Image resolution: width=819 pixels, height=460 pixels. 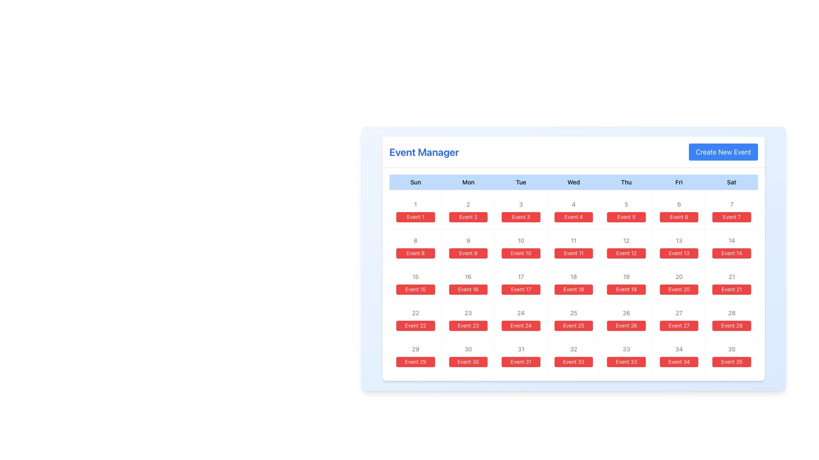 What do you see at coordinates (626, 204) in the screenshot?
I see `the text label indicating the date for the calendar cell corresponding to Thursday, located above the 'Event 5' button` at bounding box center [626, 204].